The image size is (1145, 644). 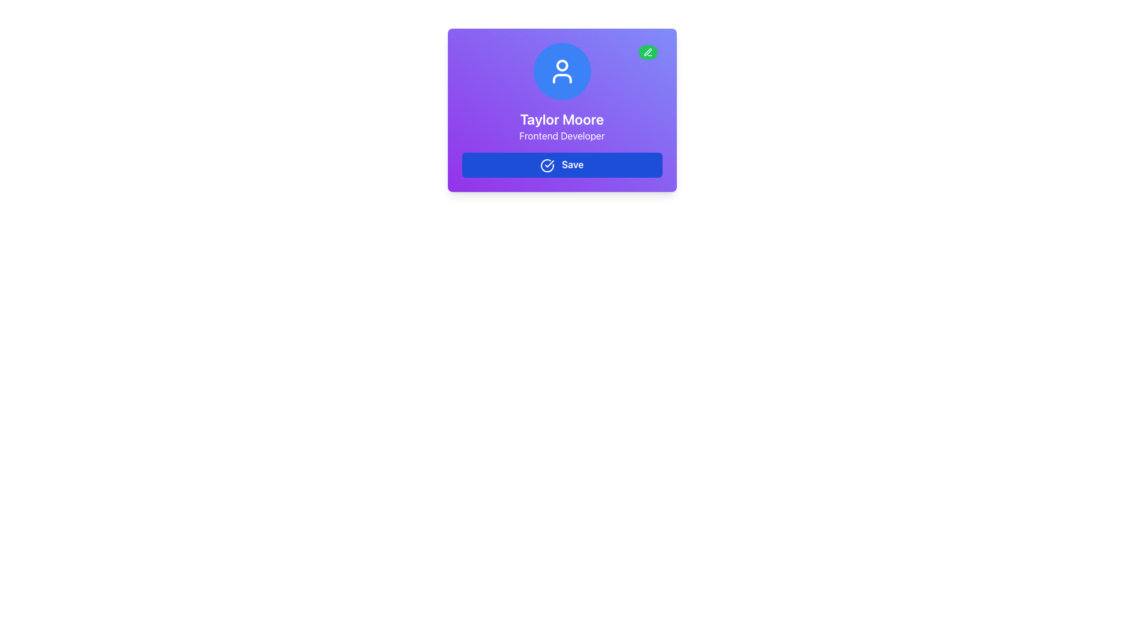 What do you see at coordinates (561, 165) in the screenshot?
I see `the interactive save button located at the bottom of the card layout with a purple gradient background, positioned directly below the text 'Taylor Moore' and 'Frontend Developer'` at bounding box center [561, 165].